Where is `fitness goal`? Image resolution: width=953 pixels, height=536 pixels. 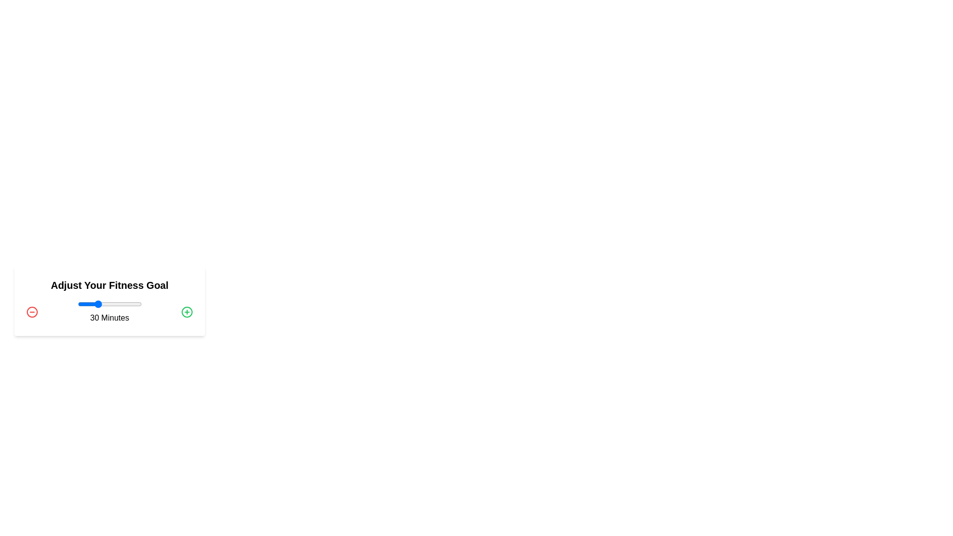
fitness goal is located at coordinates (124, 304).